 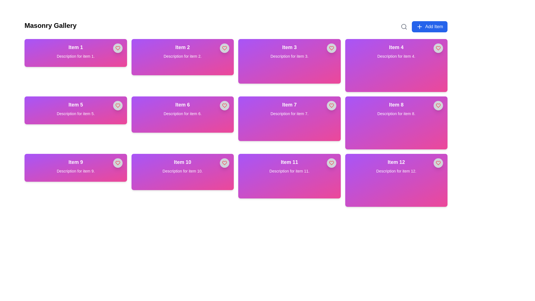 What do you see at coordinates (225, 48) in the screenshot?
I see `the heart icon in the top-right corner of the card labeled 'Item 2' to indicate a preference for the item` at bounding box center [225, 48].